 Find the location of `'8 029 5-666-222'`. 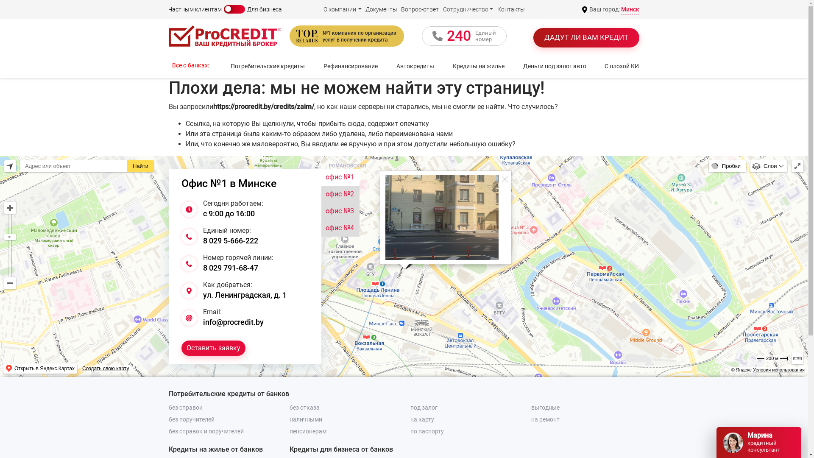

'8 029 5-666-222' is located at coordinates (230, 240).